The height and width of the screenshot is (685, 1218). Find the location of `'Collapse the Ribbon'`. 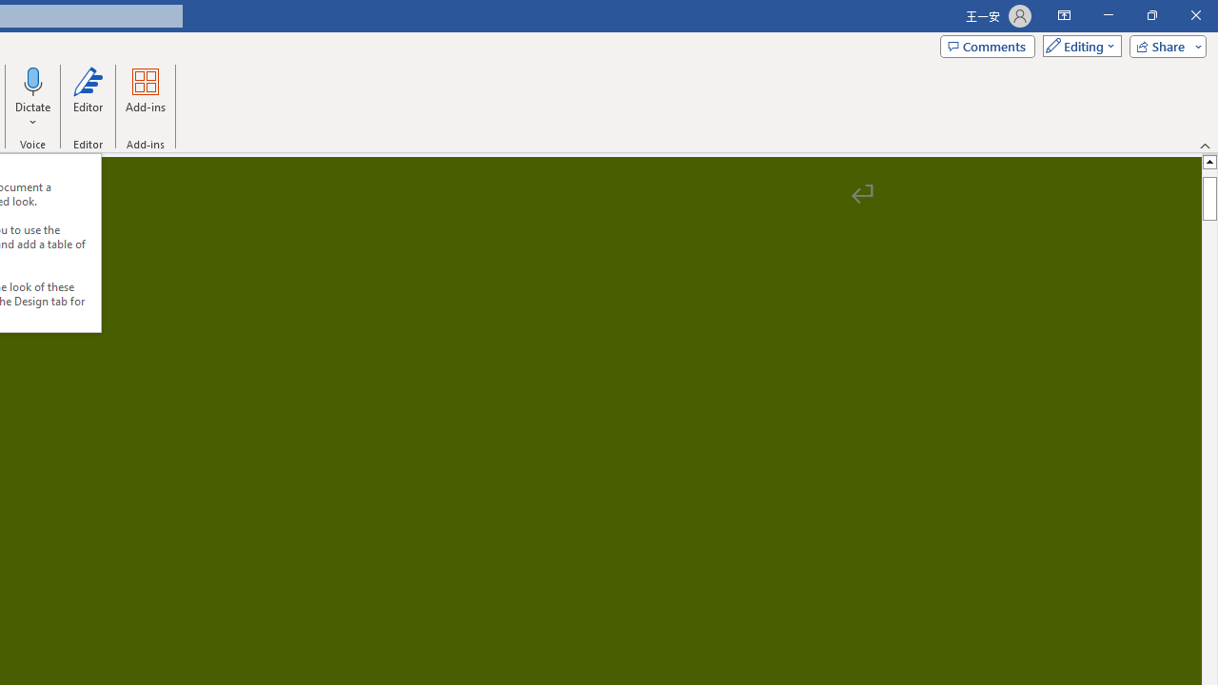

'Collapse the Ribbon' is located at coordinates (1205, 145).